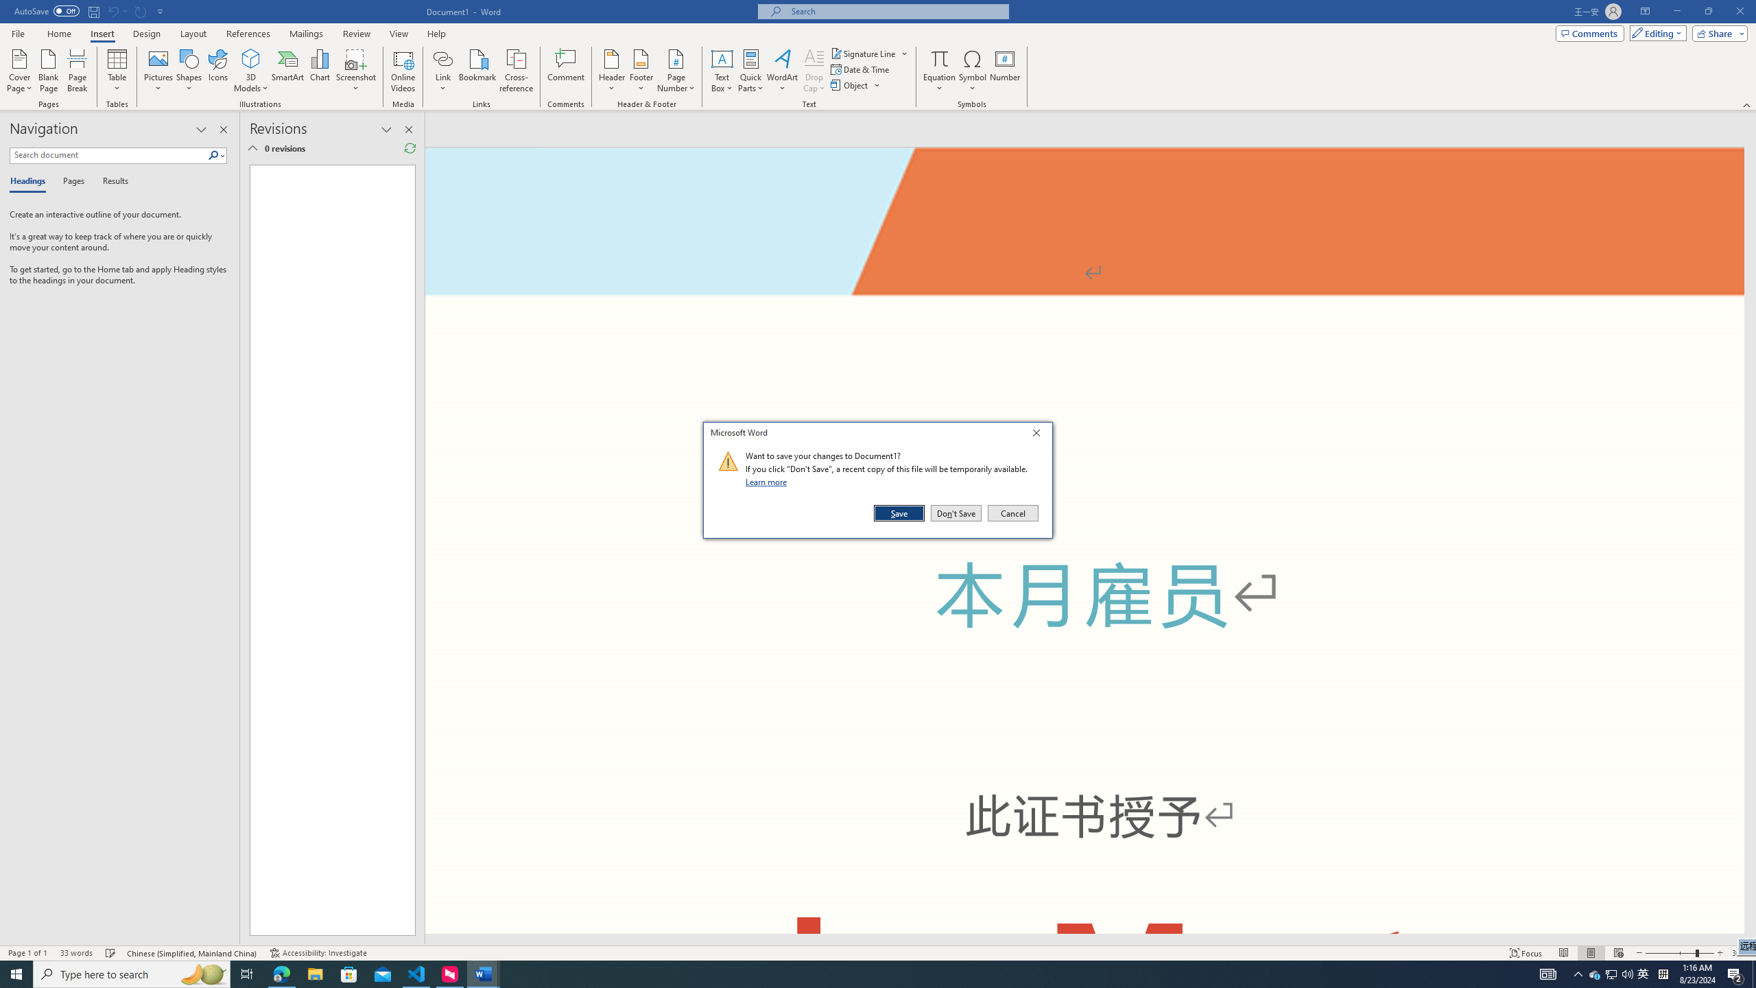  Describe the element at coordinates (1004, 71) in the screenshot. I see `'Number...'` at that location.